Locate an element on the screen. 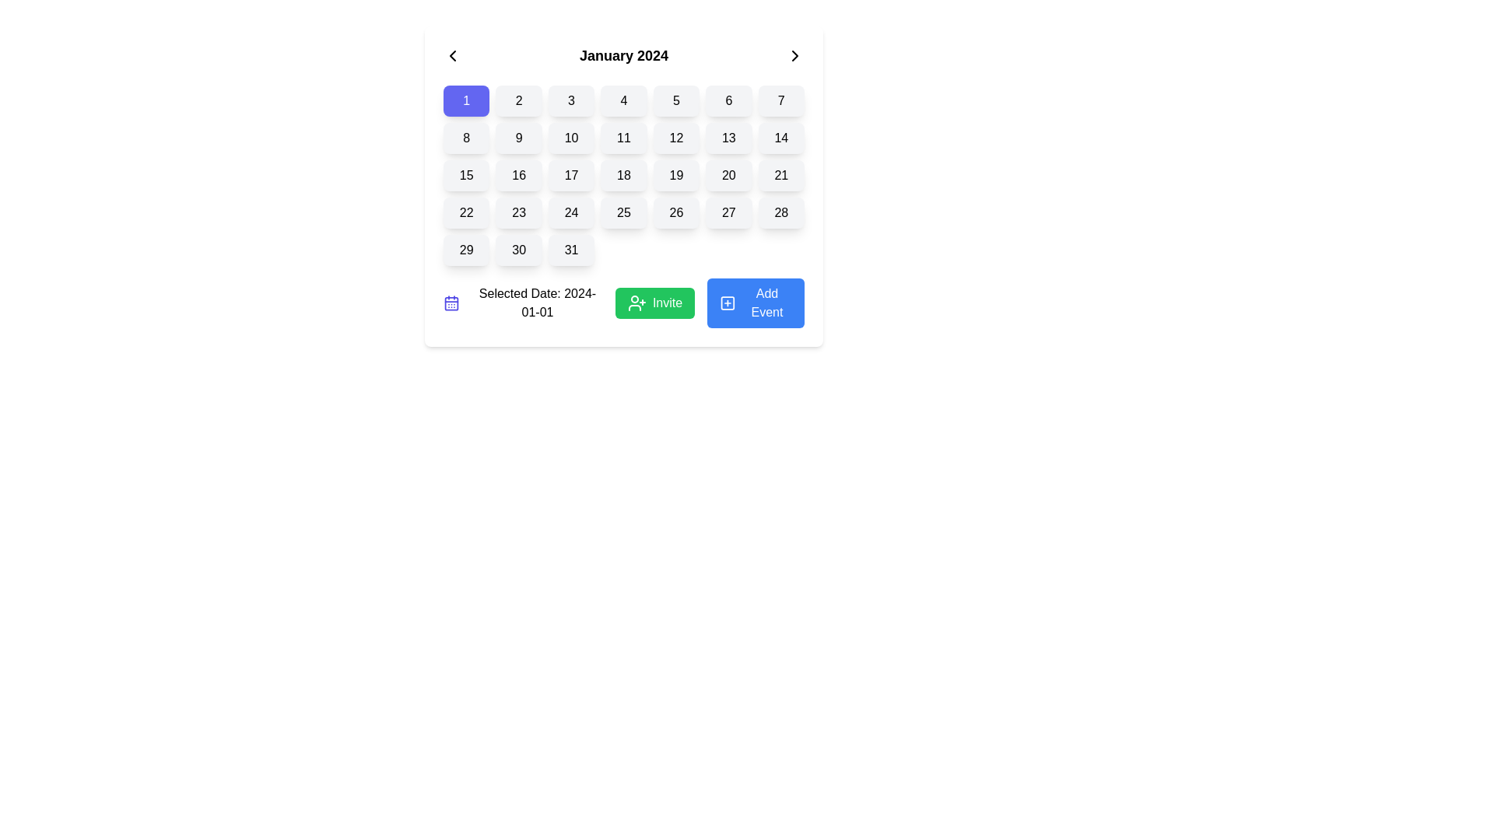 The height and width of the screenshot is (840, 1494). the square button displaying the numeral '20' with a light gray background, located in the third row and sixth column of the date button grid below the 'January 2024' label is located at coordinates (728, 175).